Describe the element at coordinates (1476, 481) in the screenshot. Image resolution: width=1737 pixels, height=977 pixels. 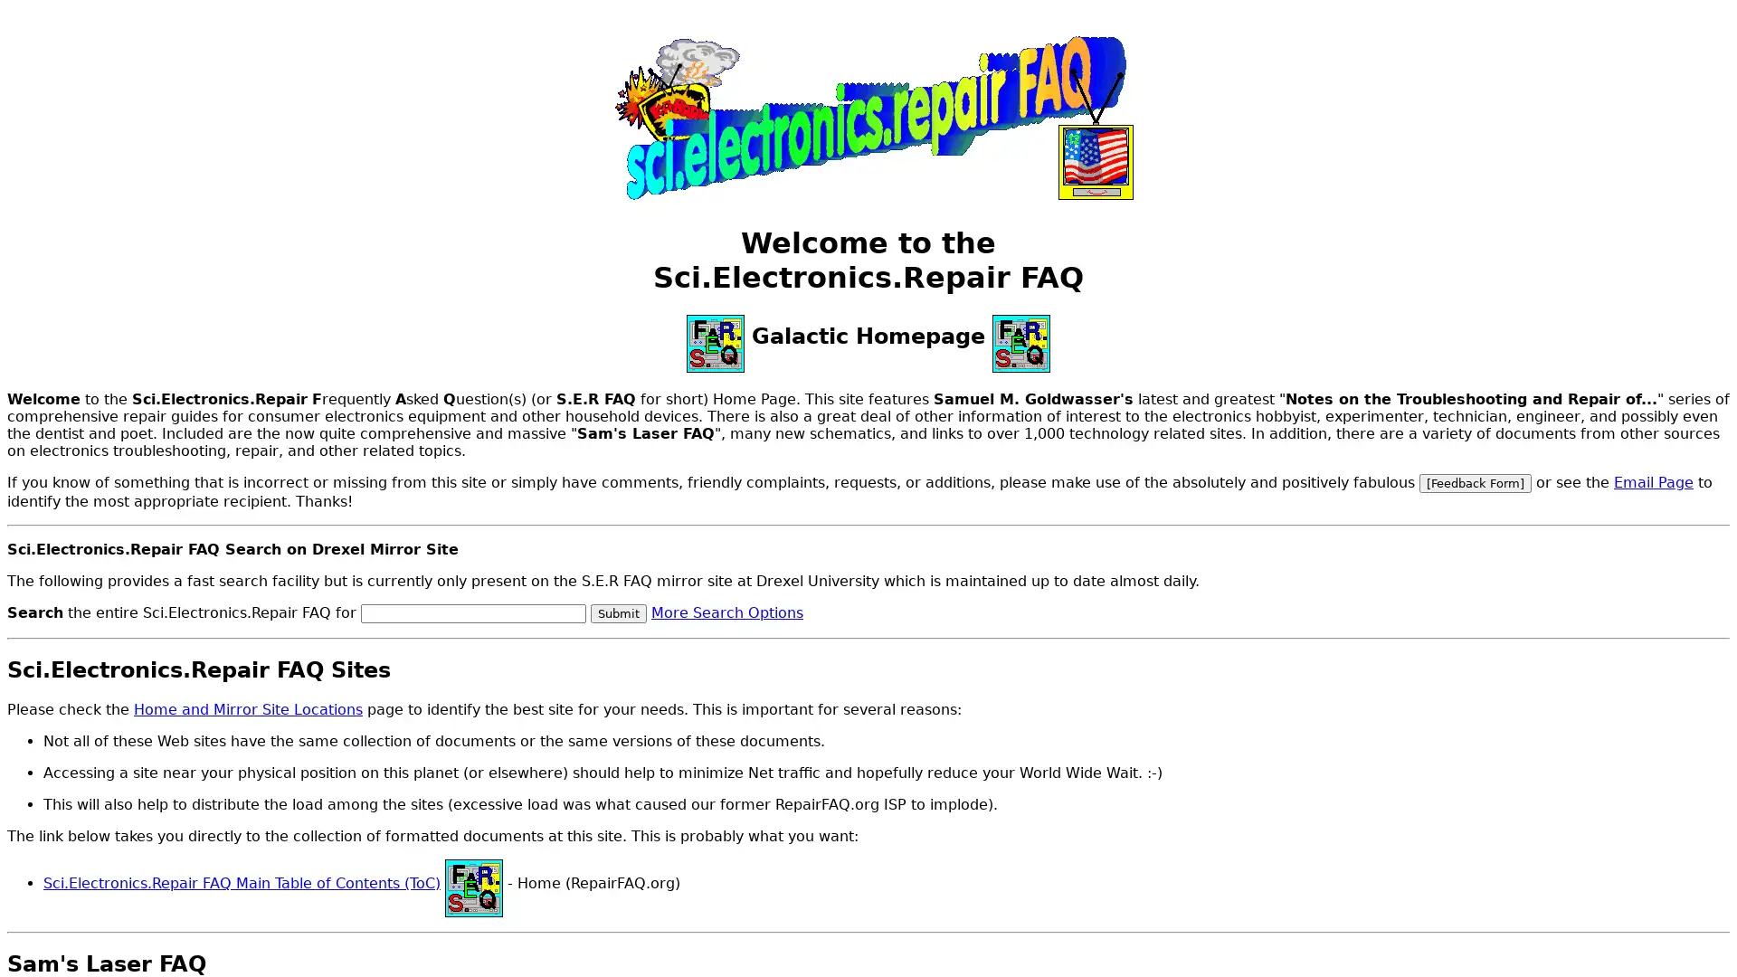
I see `[Feedback Form]` at that location.